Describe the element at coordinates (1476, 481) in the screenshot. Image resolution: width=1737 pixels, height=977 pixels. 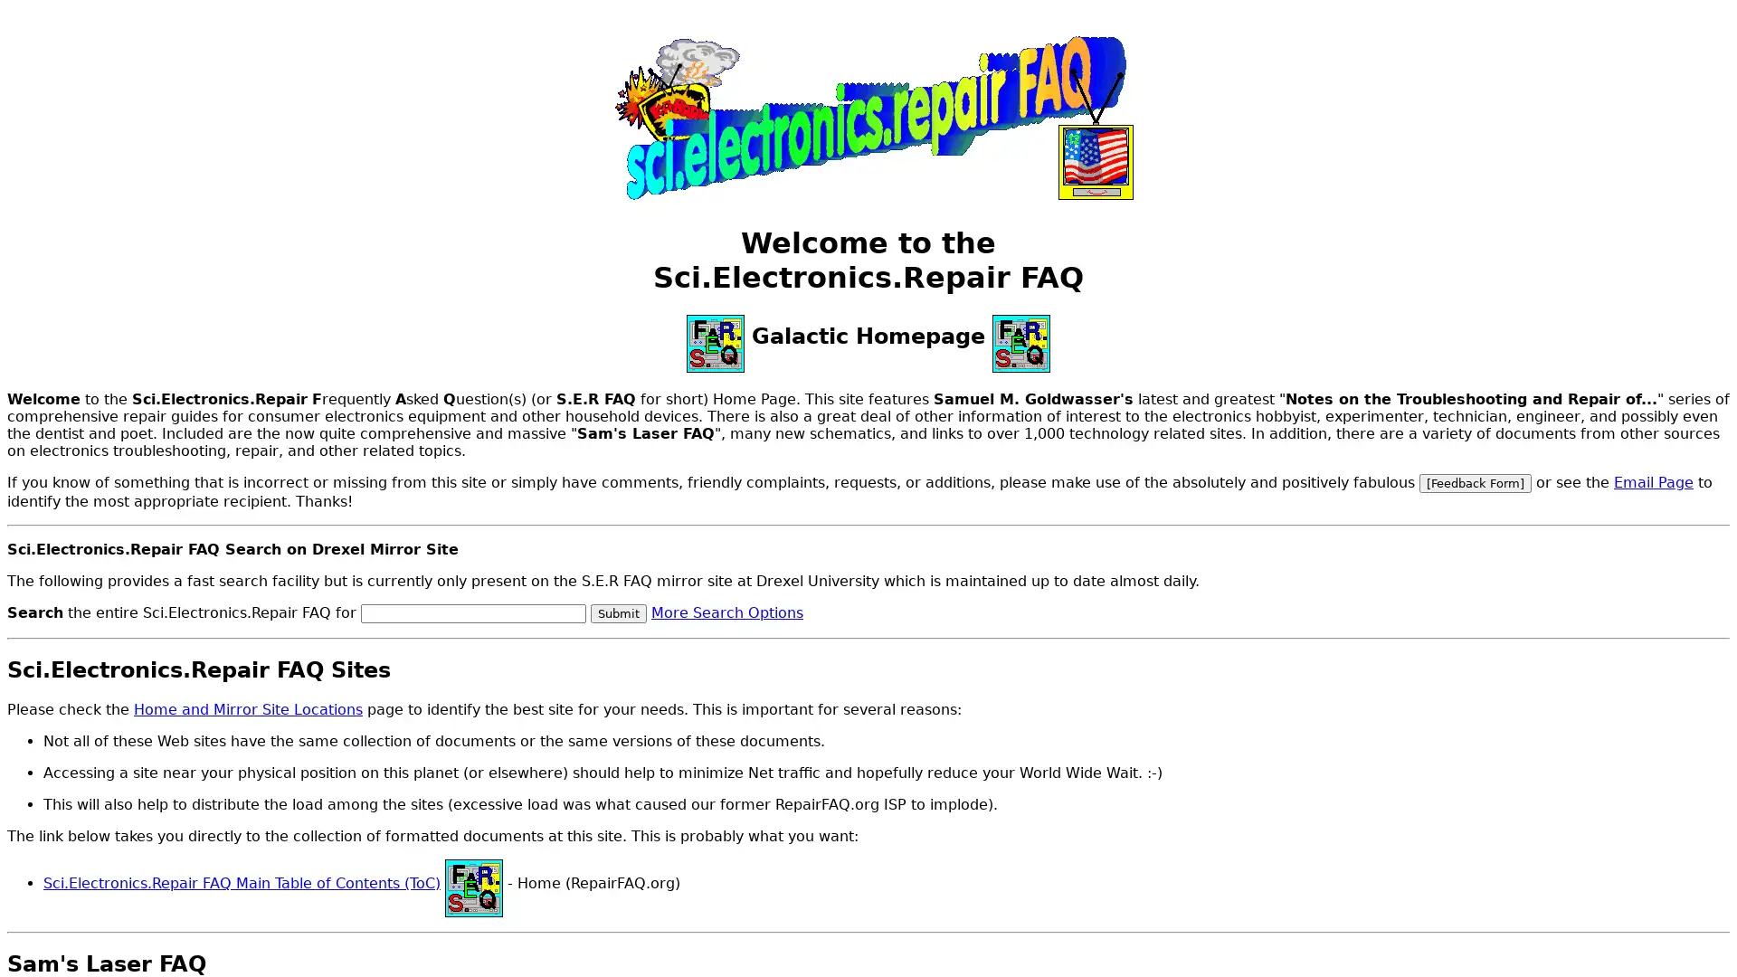
I see `[Feedback Form]` at that location.